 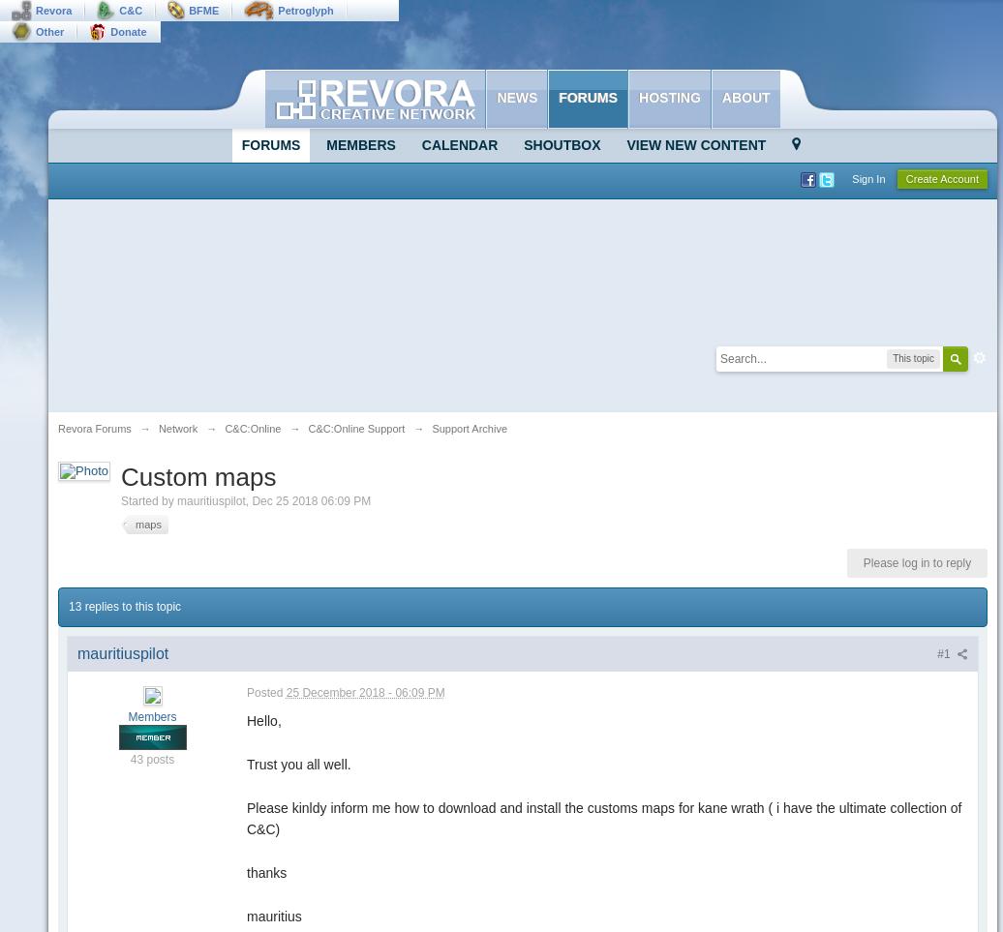 I want to click on 'Other', so click(x=49, y=31).